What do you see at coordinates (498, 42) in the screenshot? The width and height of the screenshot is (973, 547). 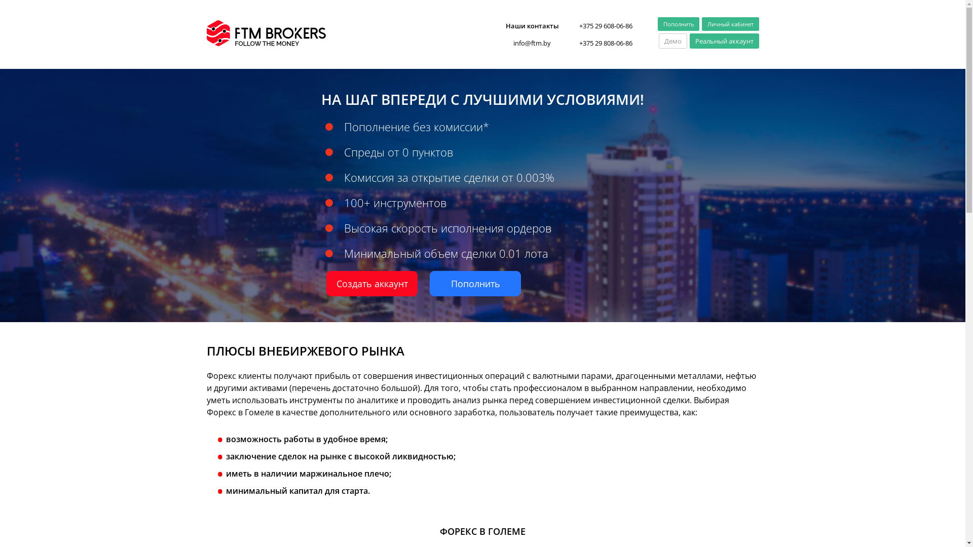 I see `'info@ftm.by'` at bounding box center [498, 42].